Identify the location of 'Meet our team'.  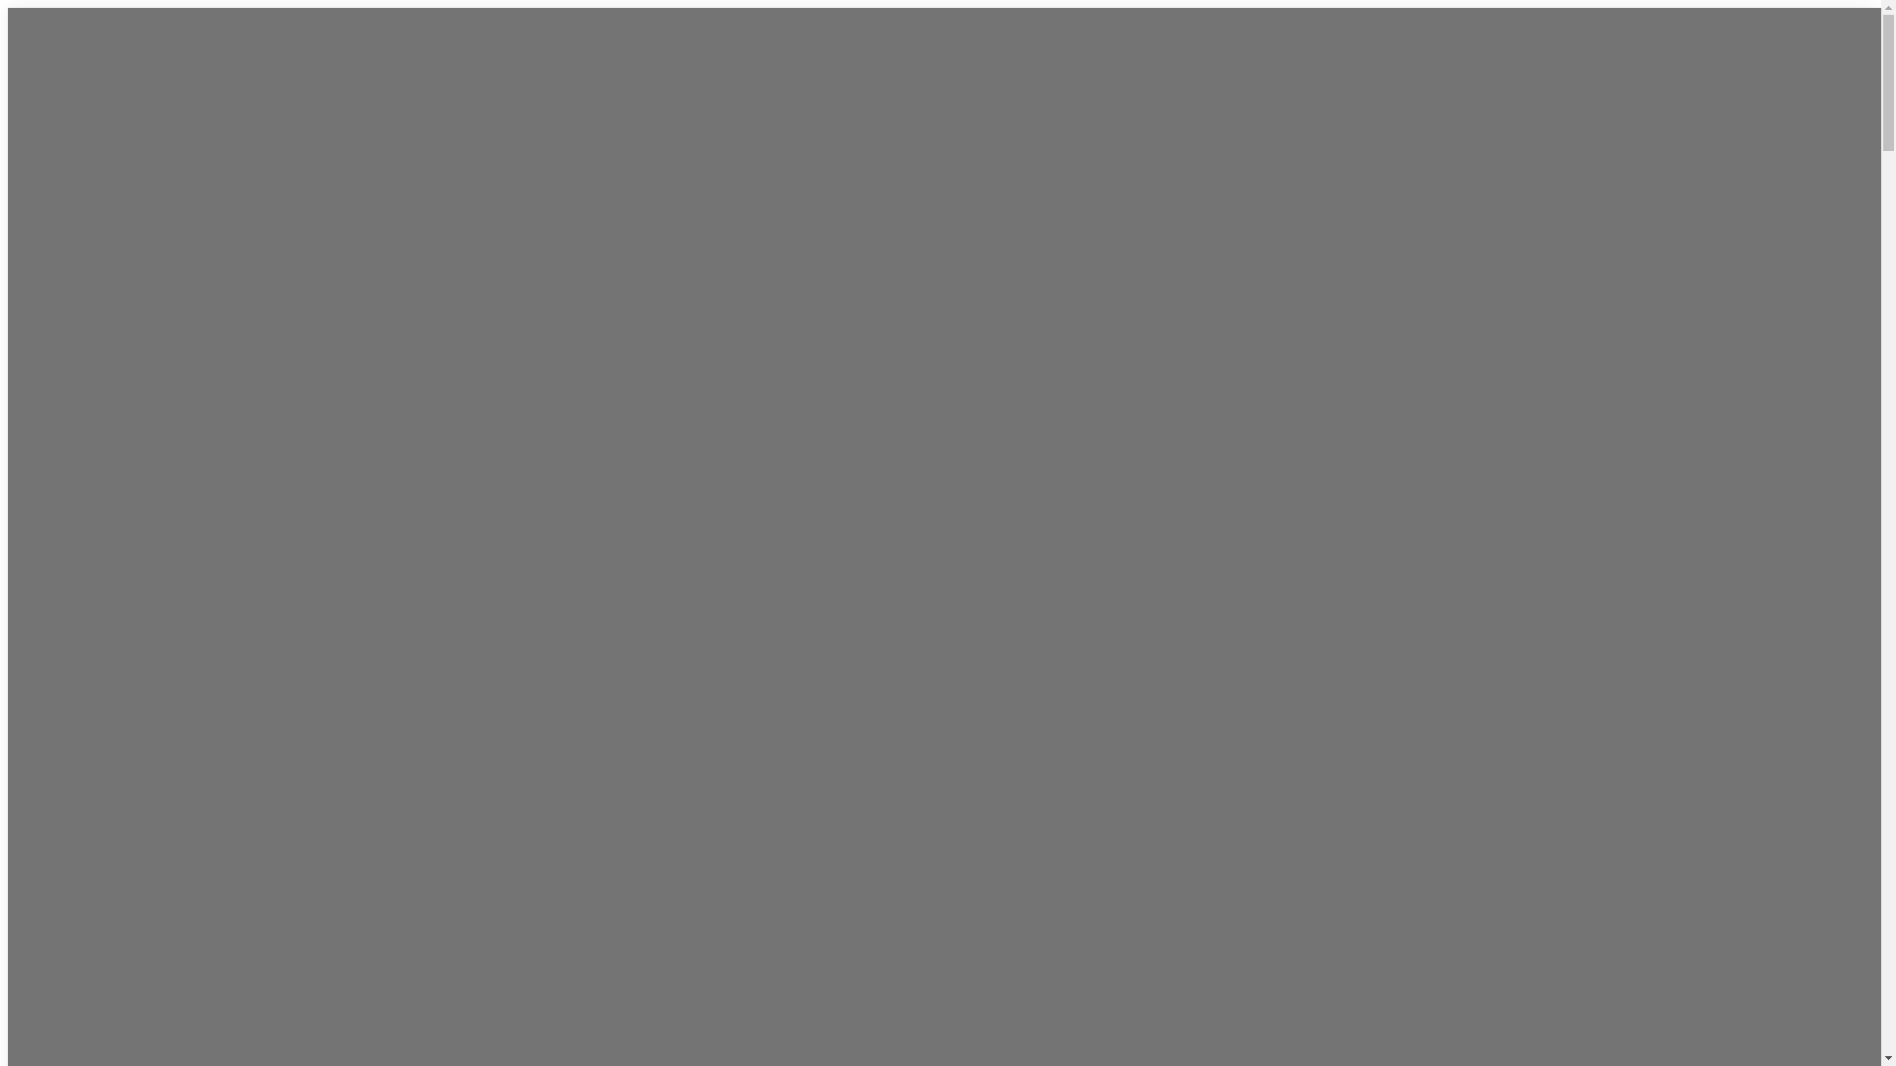
(815, 397).